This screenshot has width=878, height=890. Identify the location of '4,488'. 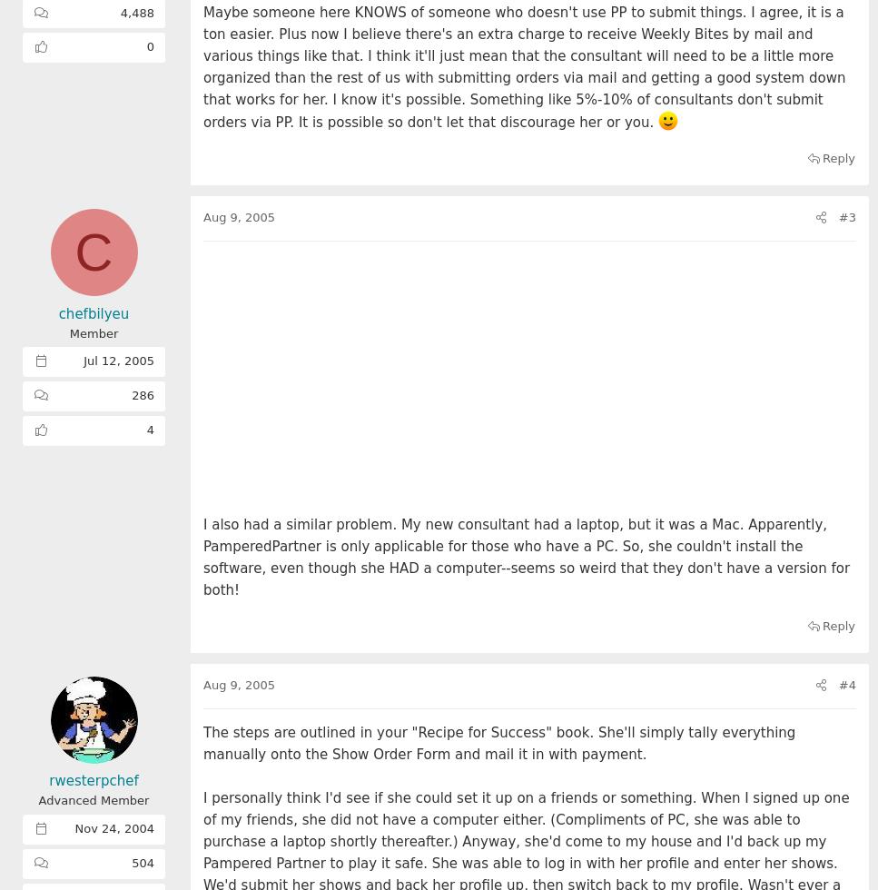
(118, 12).